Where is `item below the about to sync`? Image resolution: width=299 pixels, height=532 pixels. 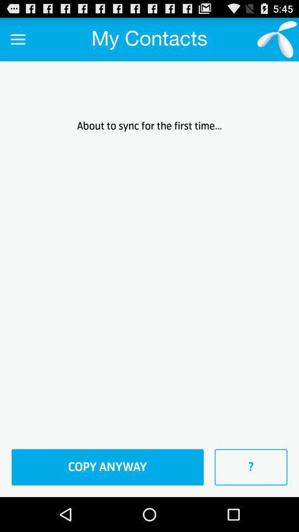 item below the about to sync is located at coordinates (107, 467).